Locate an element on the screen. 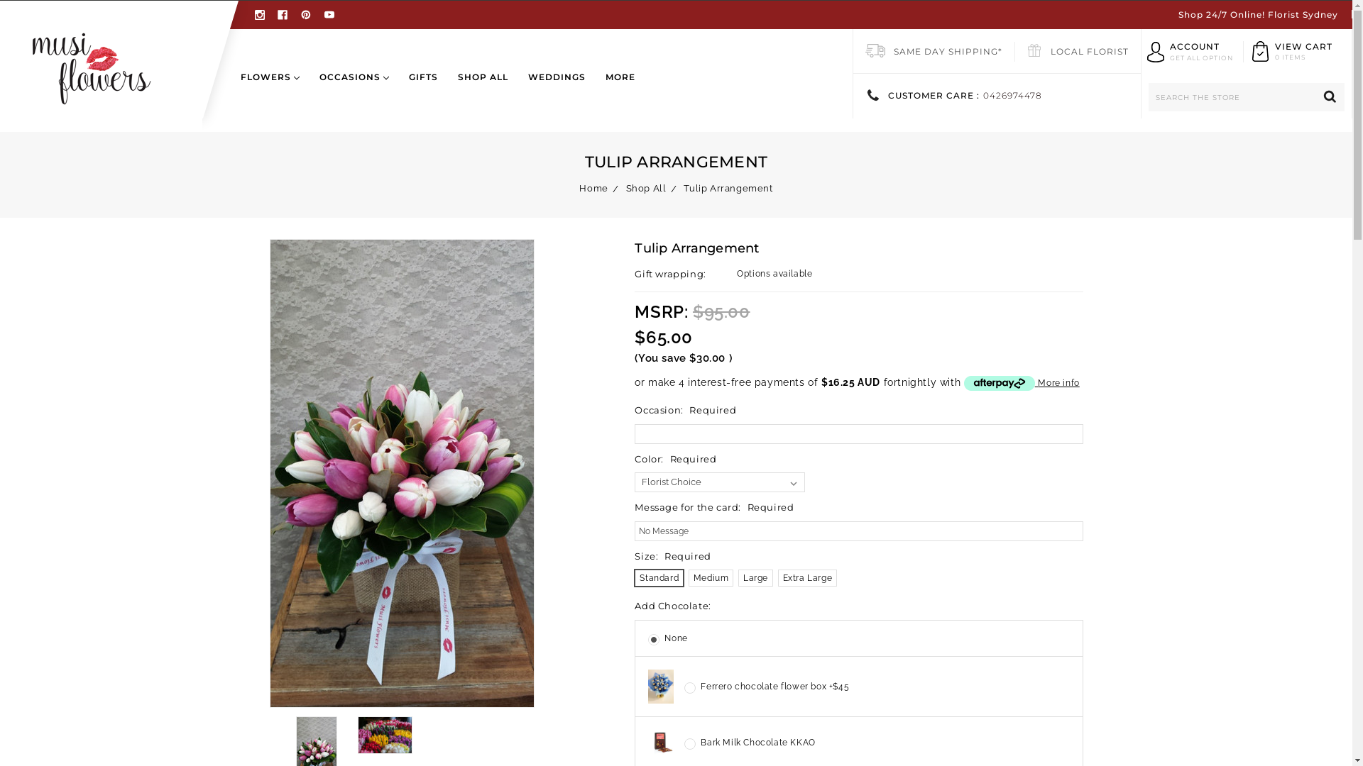 The image size is (1363, 766). 'More info' is located at coordinates (1021, 383).